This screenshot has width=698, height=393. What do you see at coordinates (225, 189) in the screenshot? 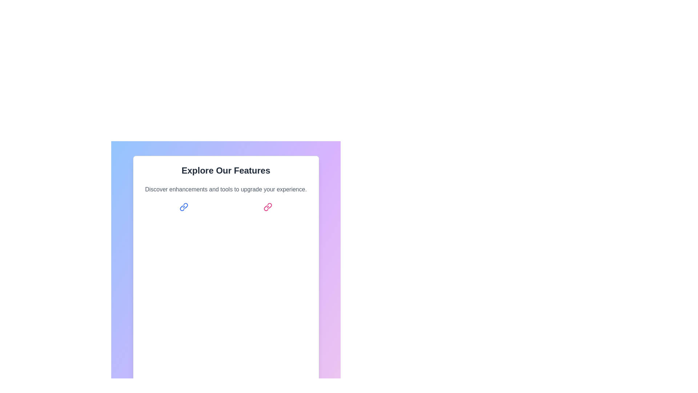
I see `the descriptive text located below the heading 'Explore Our Features' in the interface` at bounding box center [225, 189].